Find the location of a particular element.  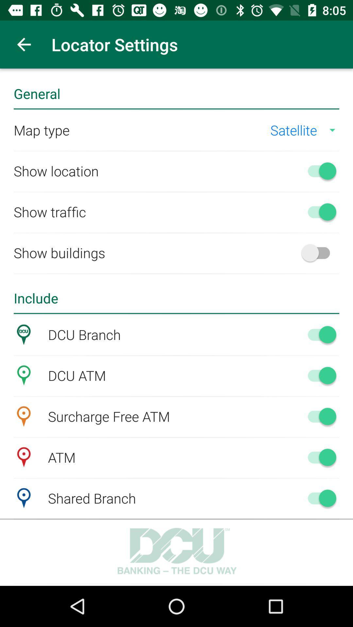

app next to locator settings is located at coordinates (24, 44).